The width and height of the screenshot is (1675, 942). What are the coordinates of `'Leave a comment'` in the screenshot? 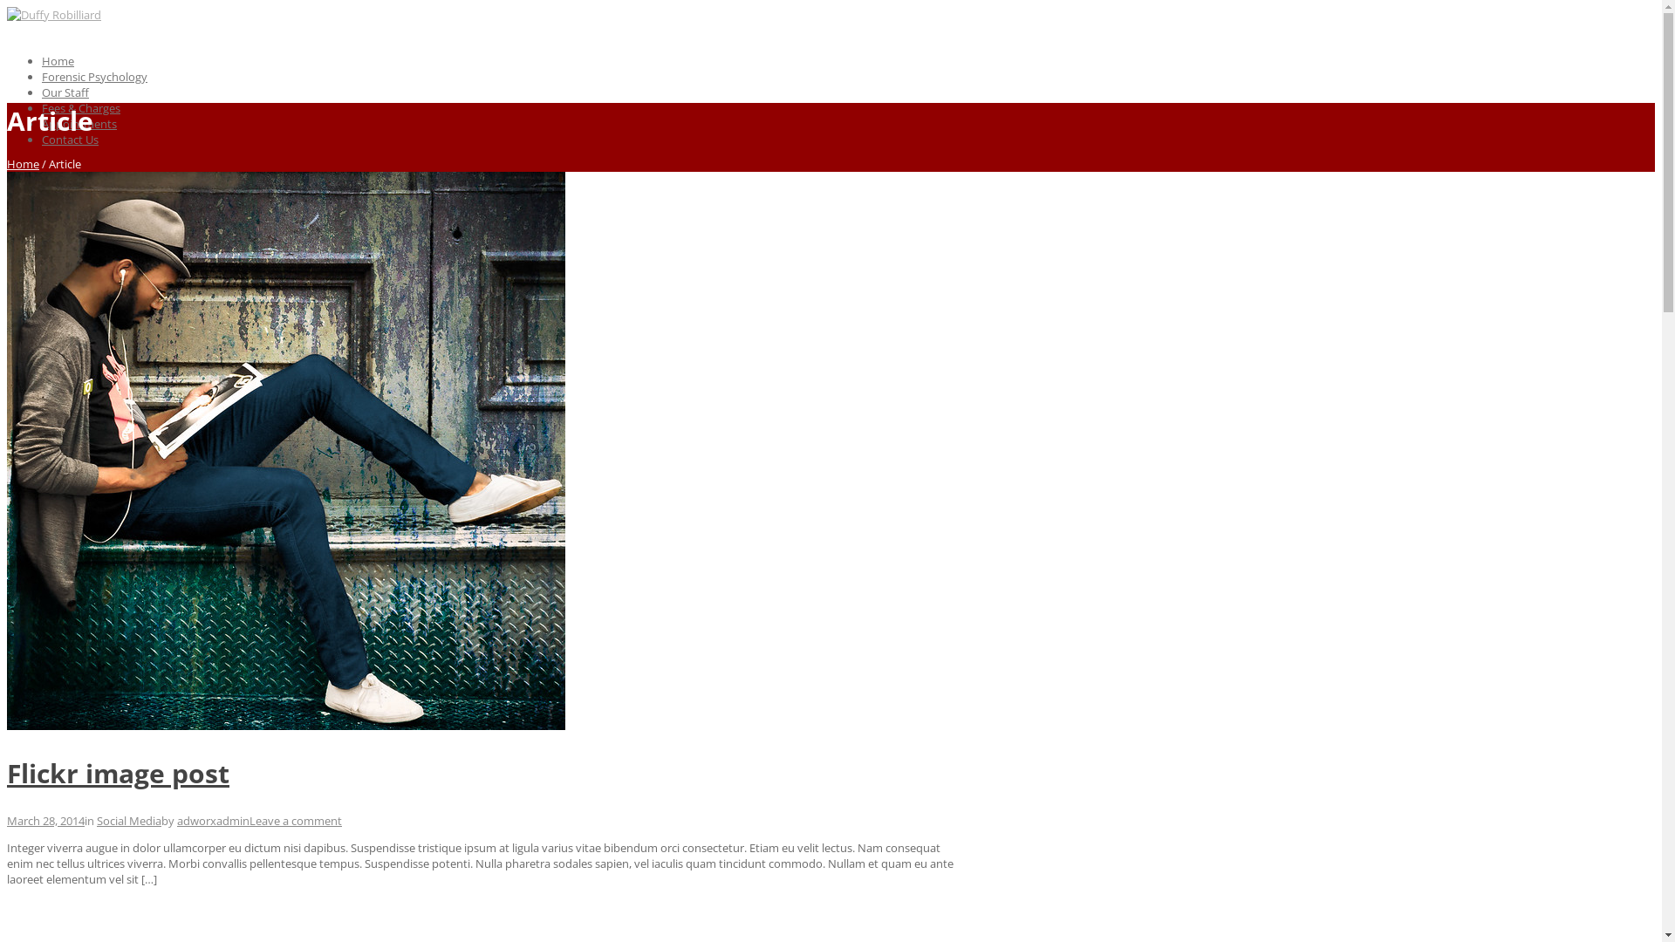 It's located at (296, 821).